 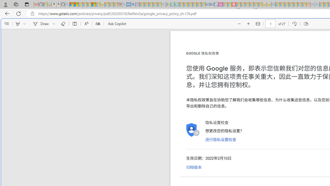 What do you see at coordinates (120, 4) in the screenshot?
I see `'Robert H. Shmerling, MD - Harvard Health - Sleeping'` at bounding box center [120, 4].